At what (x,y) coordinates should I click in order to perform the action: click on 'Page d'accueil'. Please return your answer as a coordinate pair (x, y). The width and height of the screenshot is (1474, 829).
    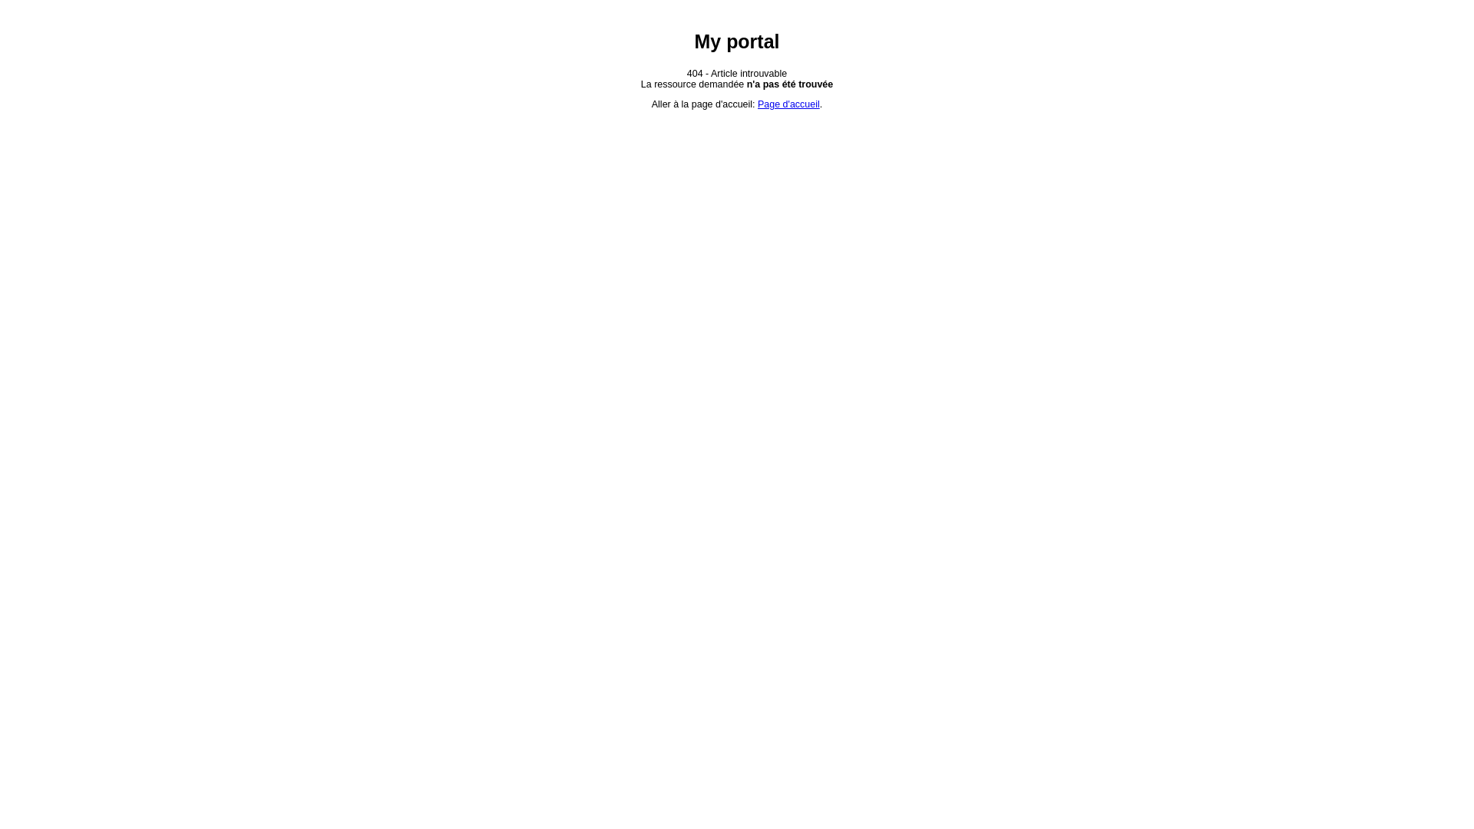
    Looking at the image, I should click on (788, 104).